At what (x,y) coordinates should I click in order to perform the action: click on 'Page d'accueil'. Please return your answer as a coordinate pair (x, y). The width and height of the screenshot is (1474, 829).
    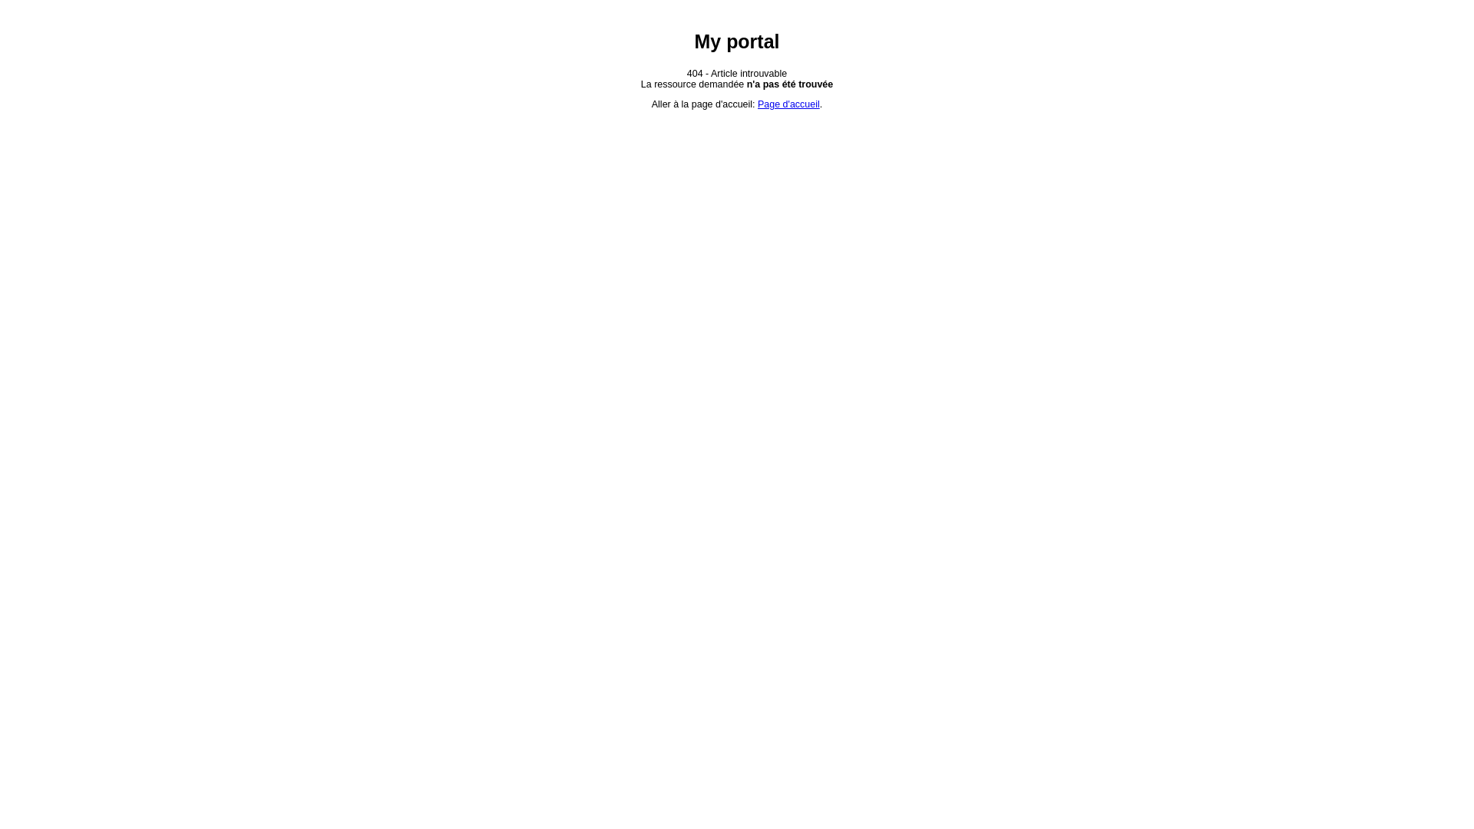
    Looking at the image, I should click on (788, 104).